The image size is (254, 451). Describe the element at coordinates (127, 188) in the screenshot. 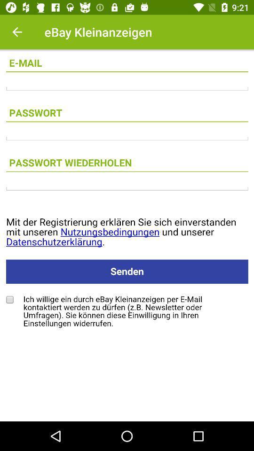

I see `login` at that location.